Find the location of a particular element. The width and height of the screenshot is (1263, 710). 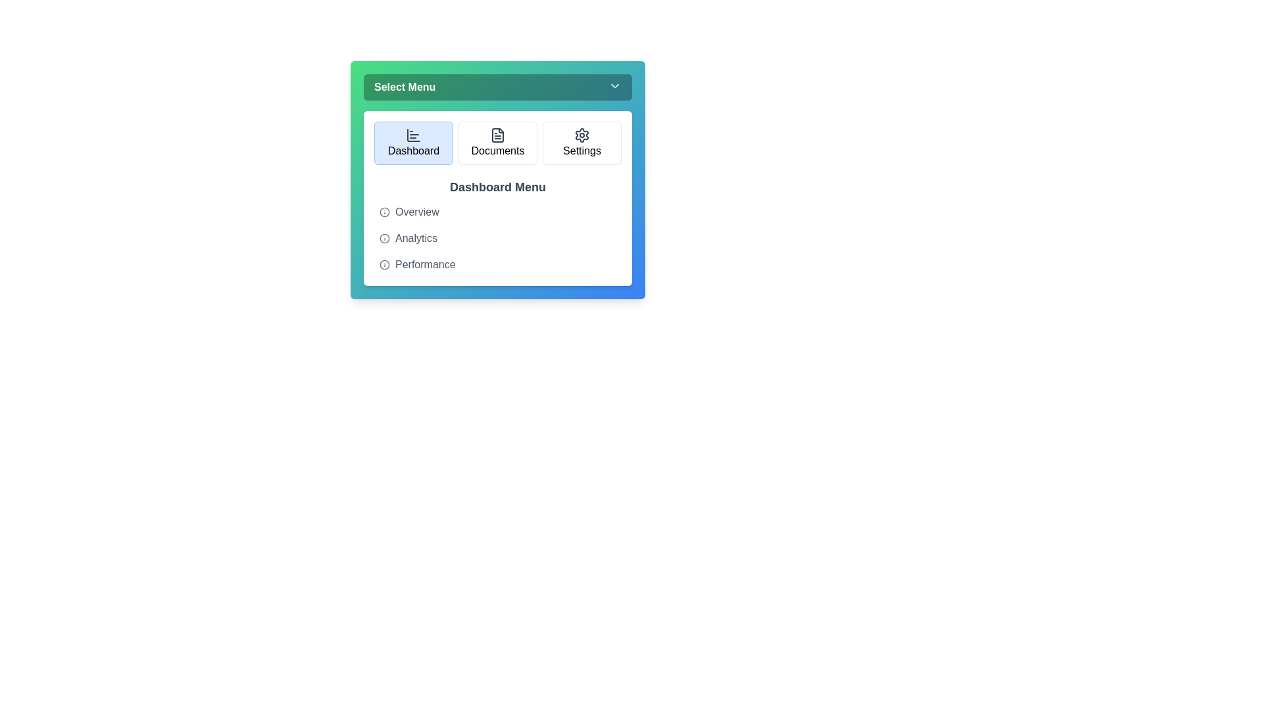

the icon depicting a file within the 'Documents' button, which is styled gray and centered in a rounded button in the middle of a toolbar is located at coordinates (497, 135).